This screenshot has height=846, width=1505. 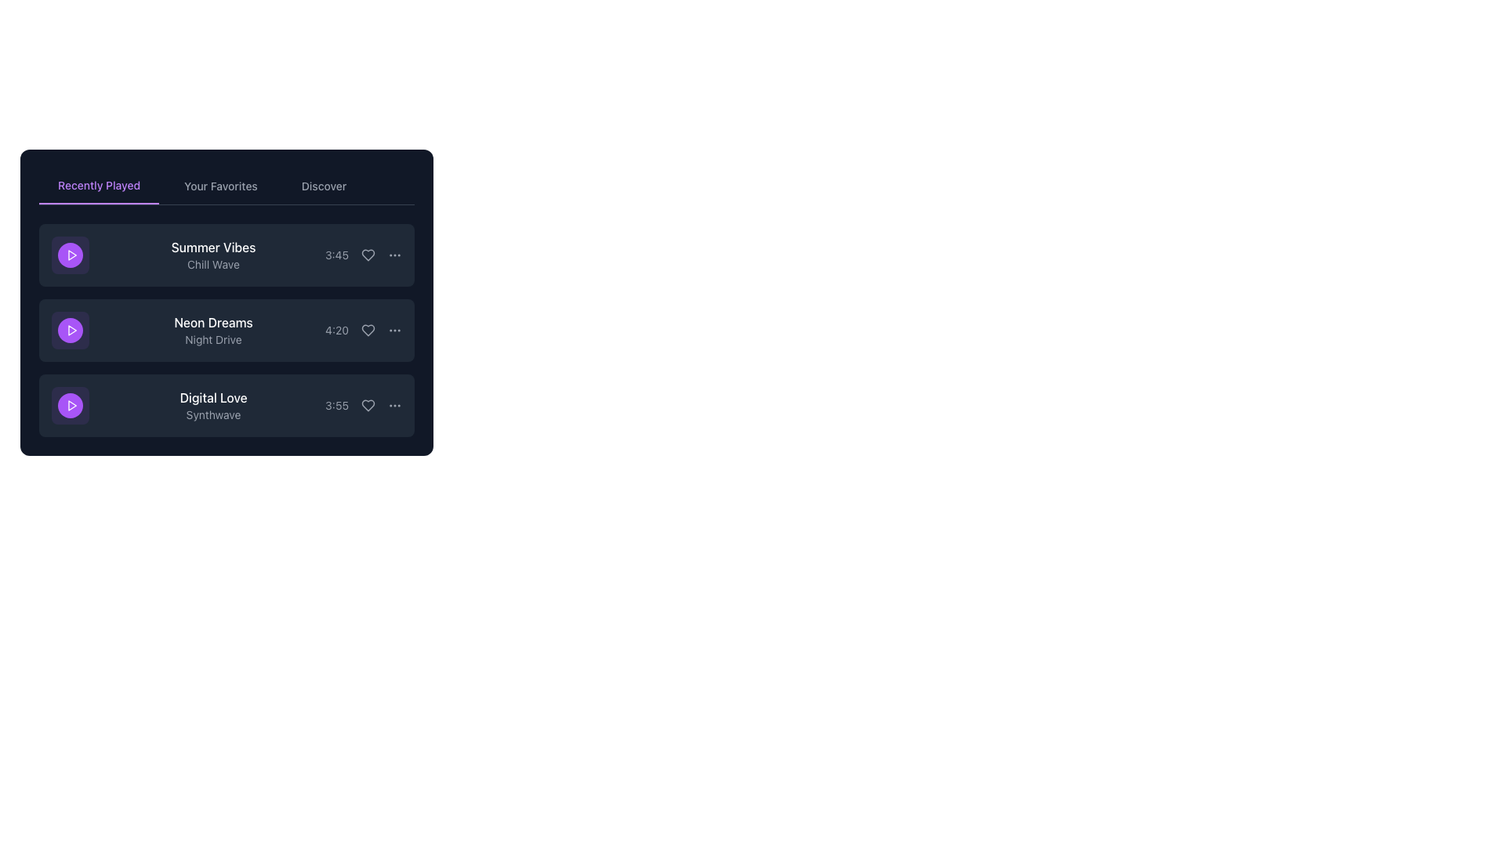 What do you see at coordinates (70, 255) in the screenshot?
I see `the first interactive play button with a purple background containing a white play icon` at bounding box center [70, 255].